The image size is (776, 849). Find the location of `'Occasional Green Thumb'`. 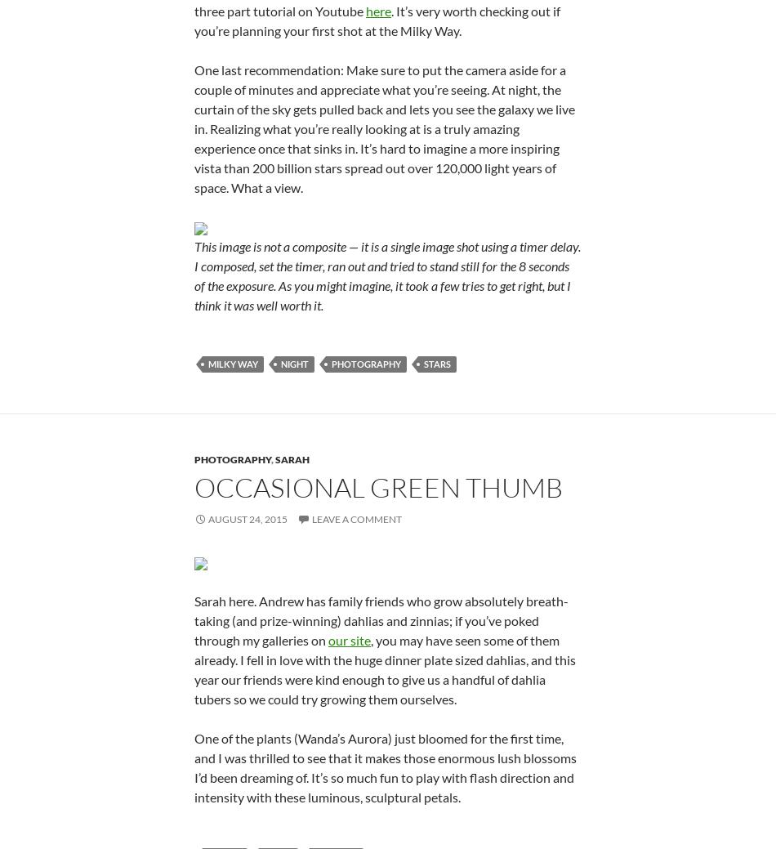

'Occasional Green Thumb' is located at coordinates (377, 486).